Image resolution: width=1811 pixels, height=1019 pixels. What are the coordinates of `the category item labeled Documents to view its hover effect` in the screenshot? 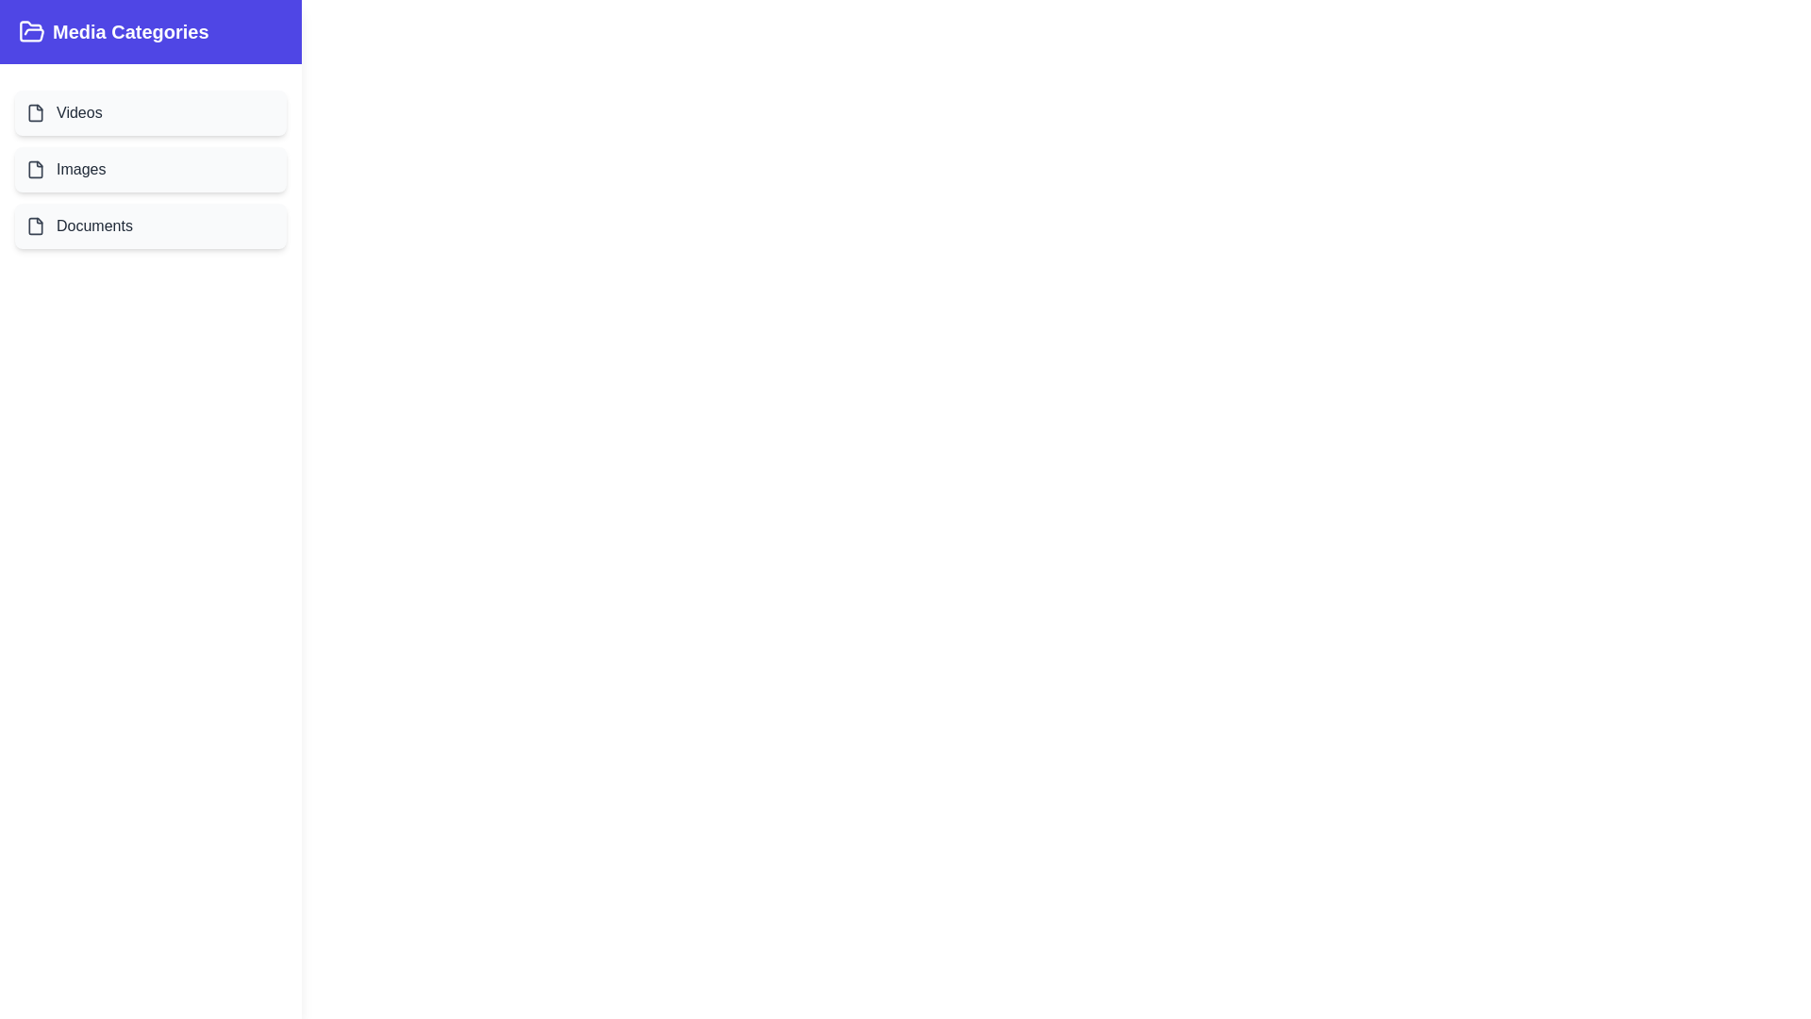 It's located at (149, 225).